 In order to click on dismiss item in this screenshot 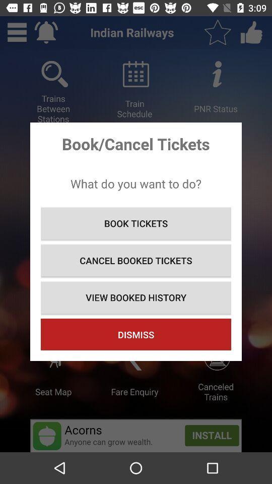, I will do `click(136, 334)`.